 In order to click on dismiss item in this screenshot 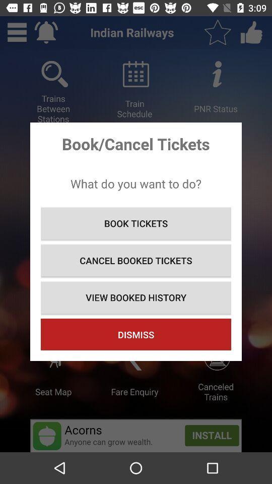, I will do `click(136, 334)`.